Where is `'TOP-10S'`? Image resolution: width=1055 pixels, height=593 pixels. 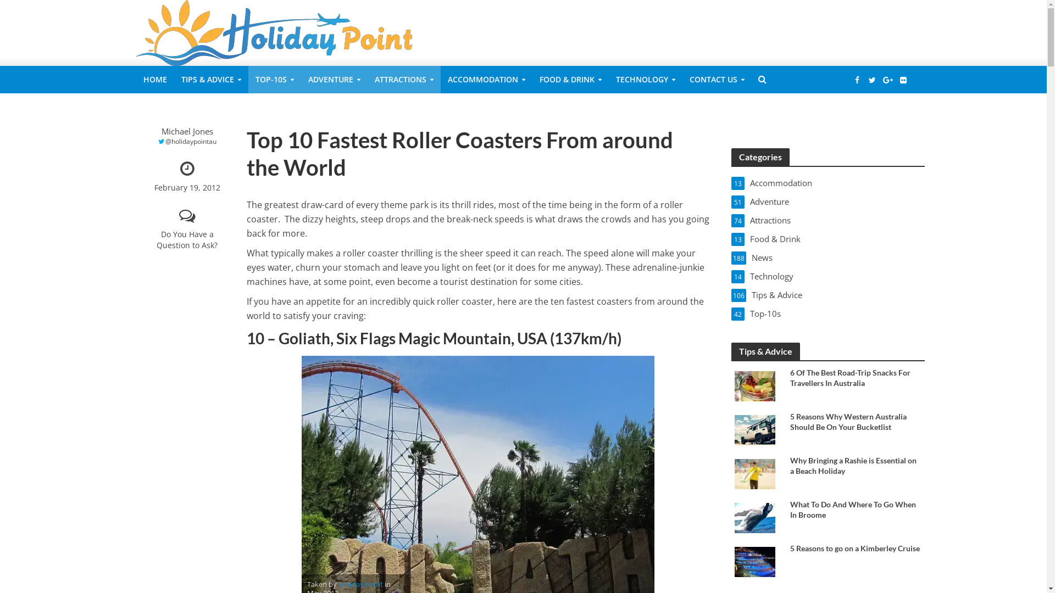
'TOP-10S' is located at coordinates (274, 79).